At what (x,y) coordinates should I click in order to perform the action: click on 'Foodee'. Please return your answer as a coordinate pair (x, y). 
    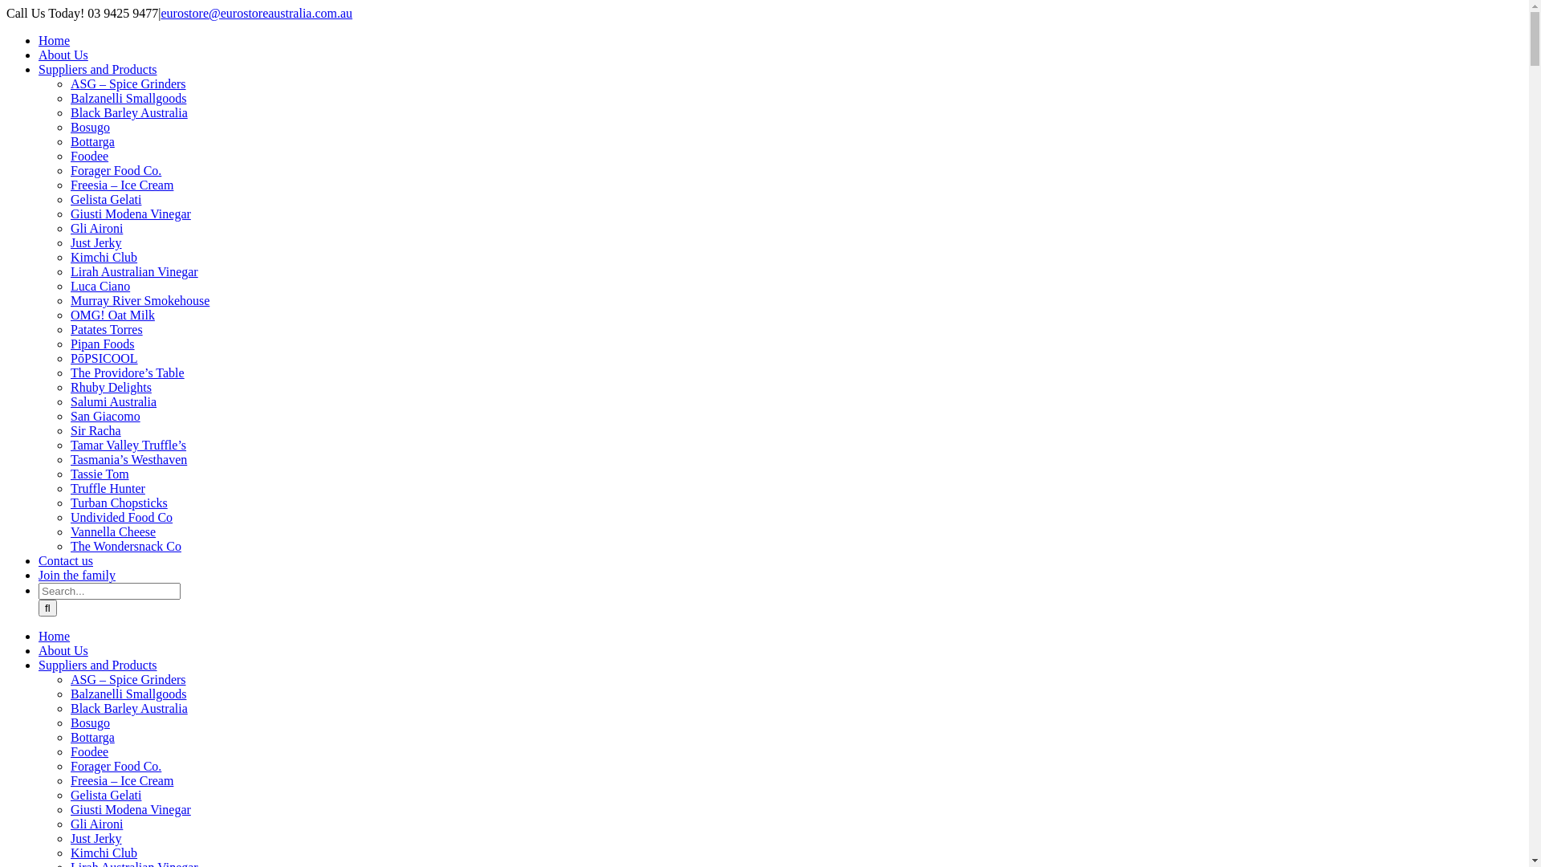
    Looking at the image, I should click on (69, 751).